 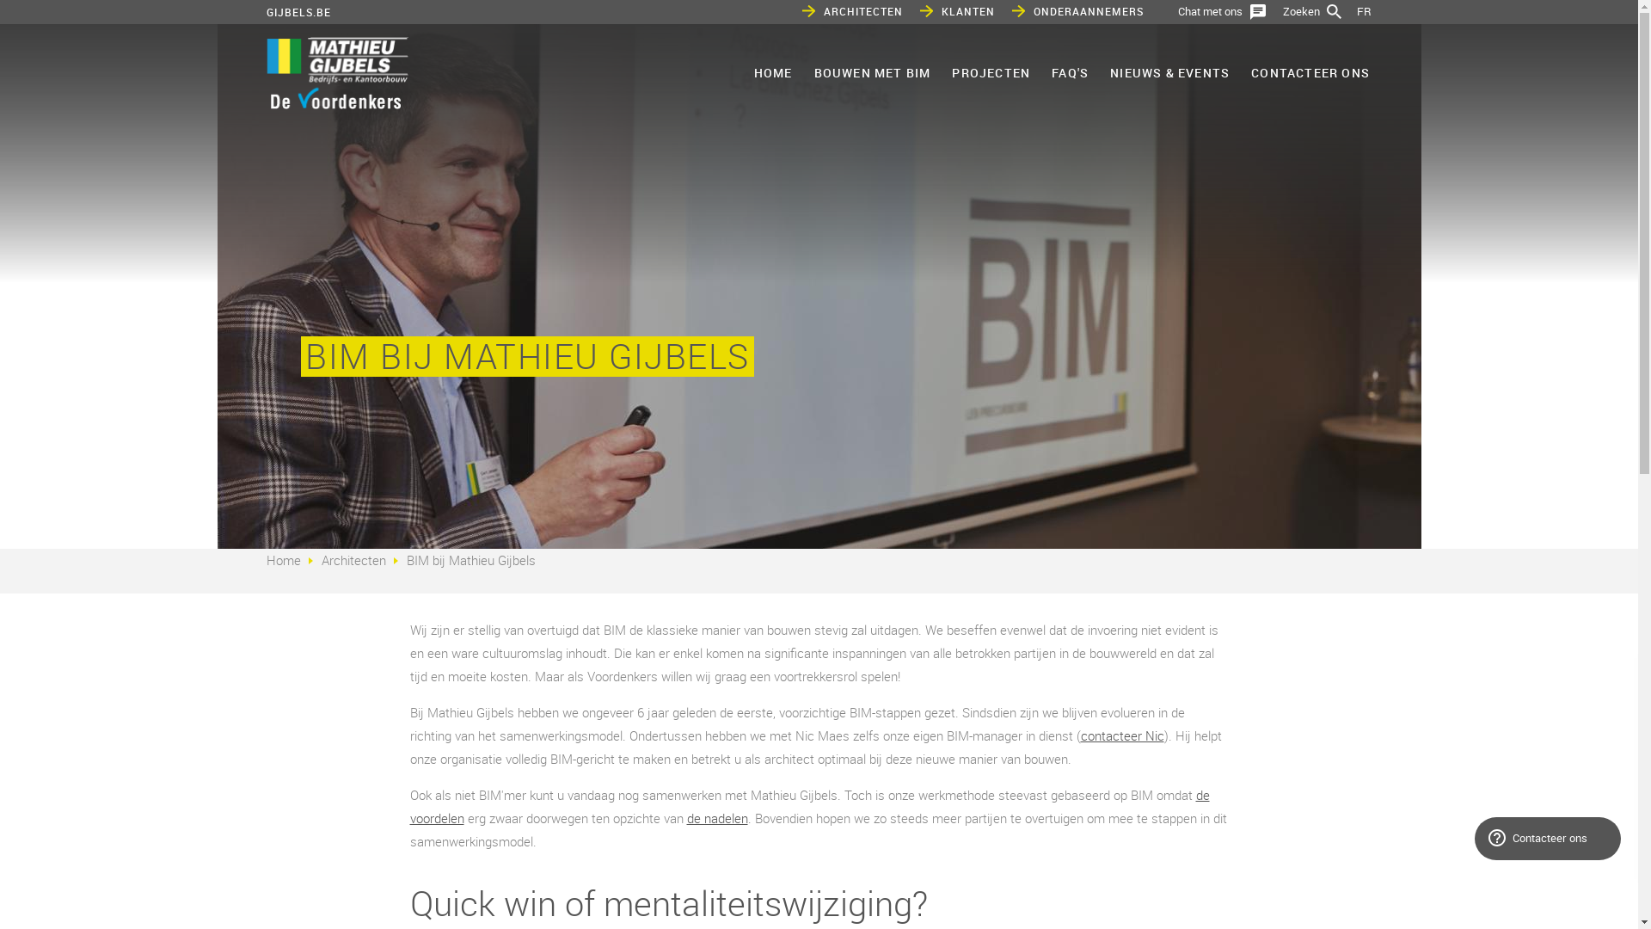 What do you see at coordinates (1220, 11) in the screenshot?
I see `'Chat met ons'` at bounding box center [1220, 11].